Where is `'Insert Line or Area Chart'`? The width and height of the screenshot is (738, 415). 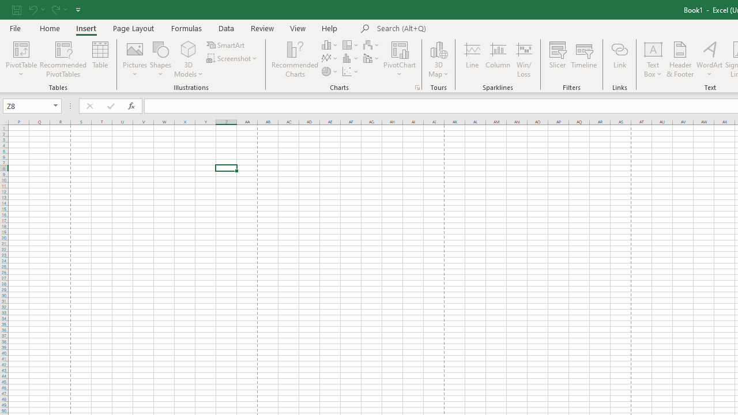
'Insert Line or Area Chart' is located at coordinates (330, 58).